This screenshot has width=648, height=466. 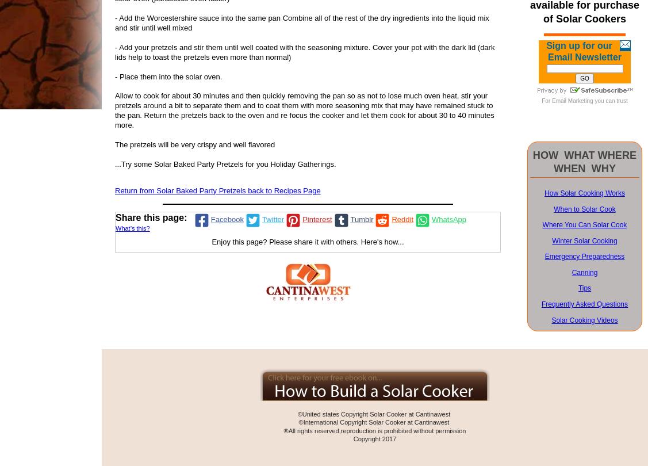 What do you see at coordinates (273, 219) in the screenshot?
I see `'Twitter'` at bounding box center [273, 219].